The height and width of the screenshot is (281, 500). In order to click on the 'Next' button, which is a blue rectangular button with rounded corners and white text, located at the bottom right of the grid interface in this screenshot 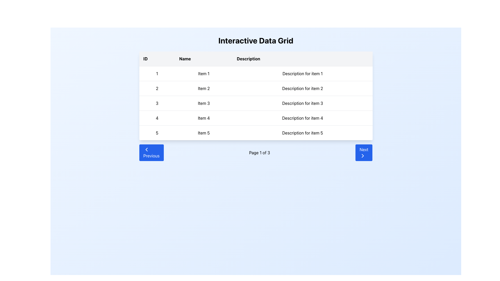, I will do `click(364, 152)`.